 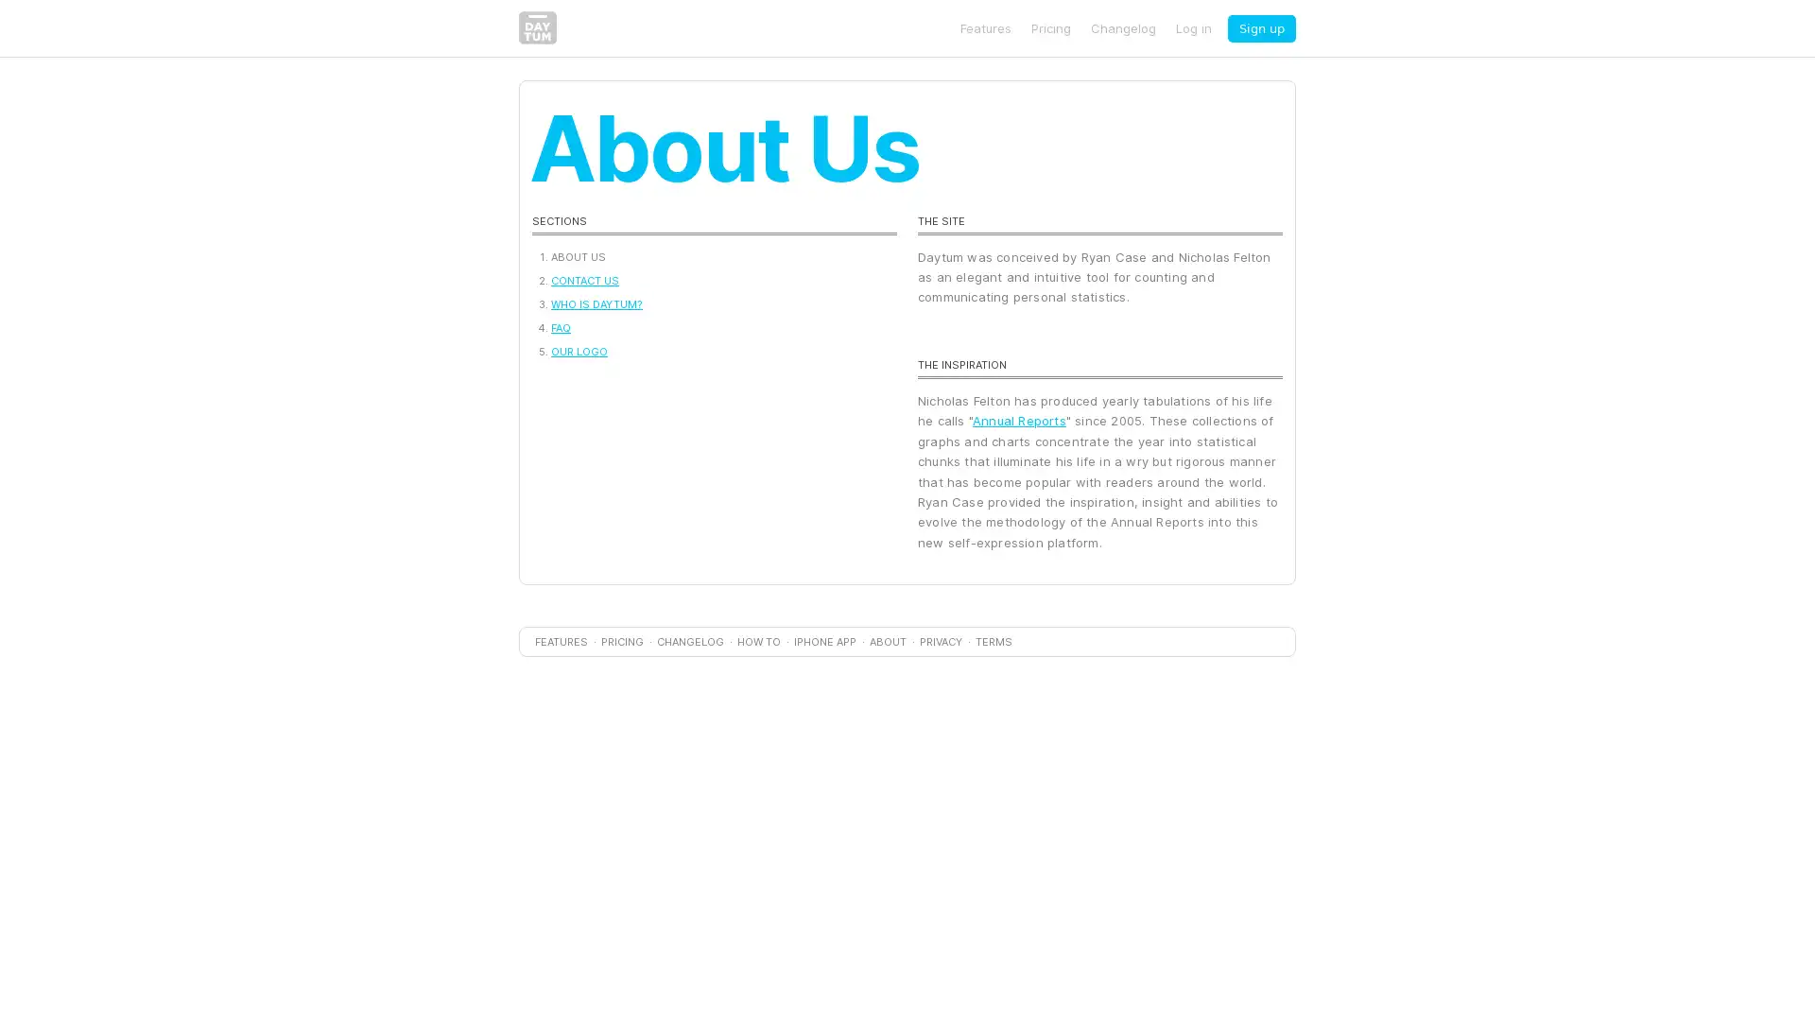 What do you see at coordinates (1261, 27) in the screenshot?
I see `Sign up` at bounding box center [1261, 27].